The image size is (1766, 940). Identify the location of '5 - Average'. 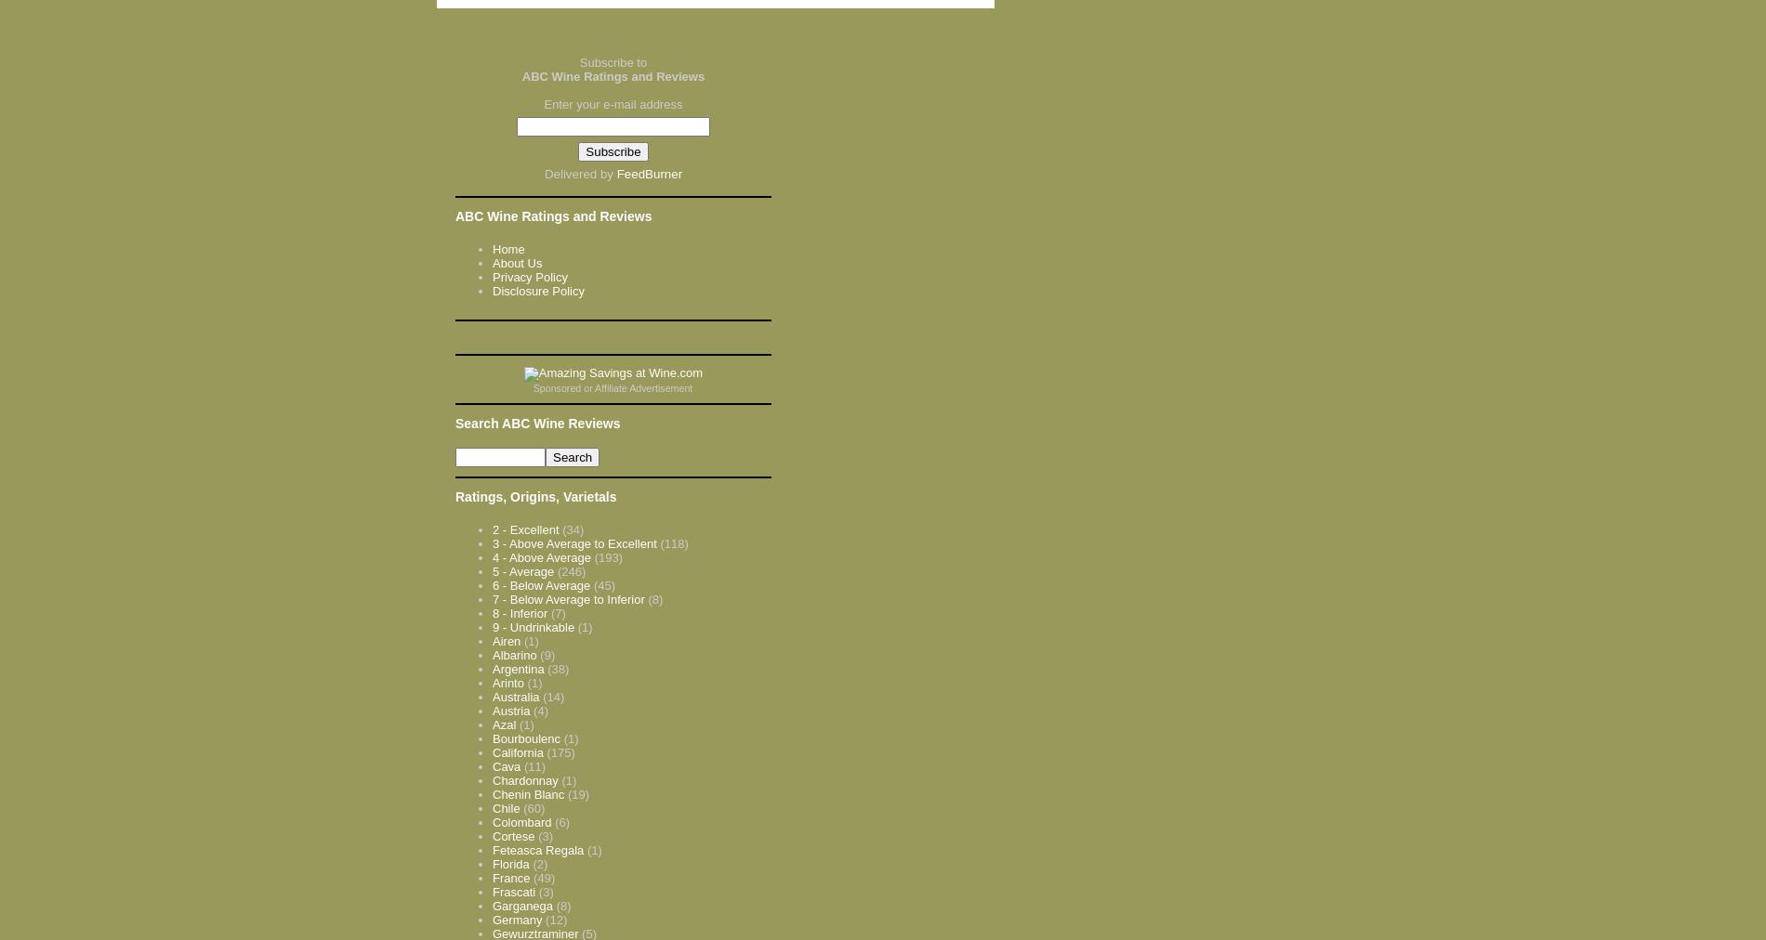
(522, 569).